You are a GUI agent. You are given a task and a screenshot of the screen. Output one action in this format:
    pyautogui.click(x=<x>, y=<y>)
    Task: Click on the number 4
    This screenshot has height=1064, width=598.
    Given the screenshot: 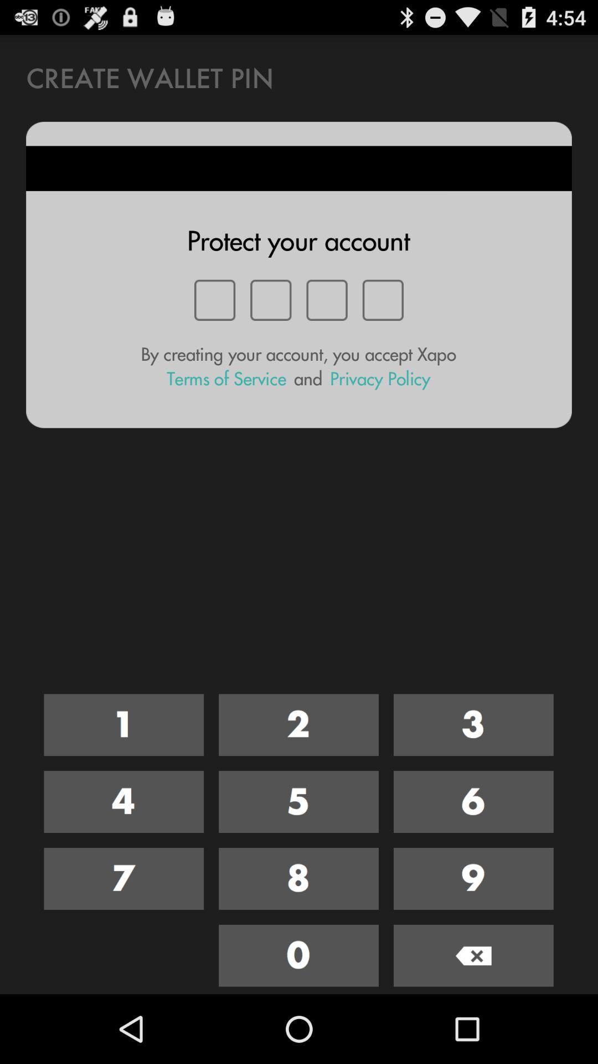 What is the action you would take?
    pyautogui.click(x=123, y=802)
    